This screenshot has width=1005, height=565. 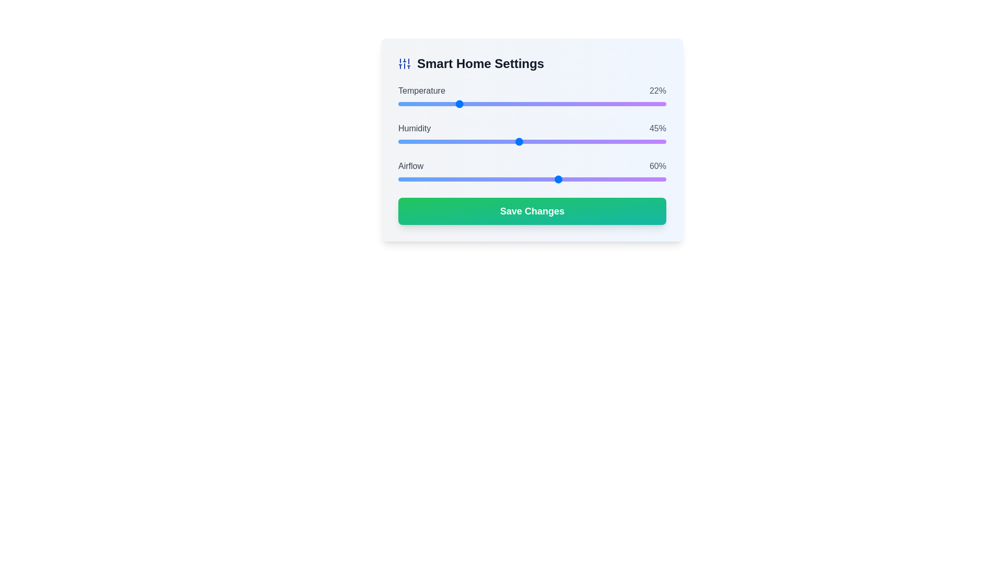 I want to click on the humidity level, so click(x=660, y=141).